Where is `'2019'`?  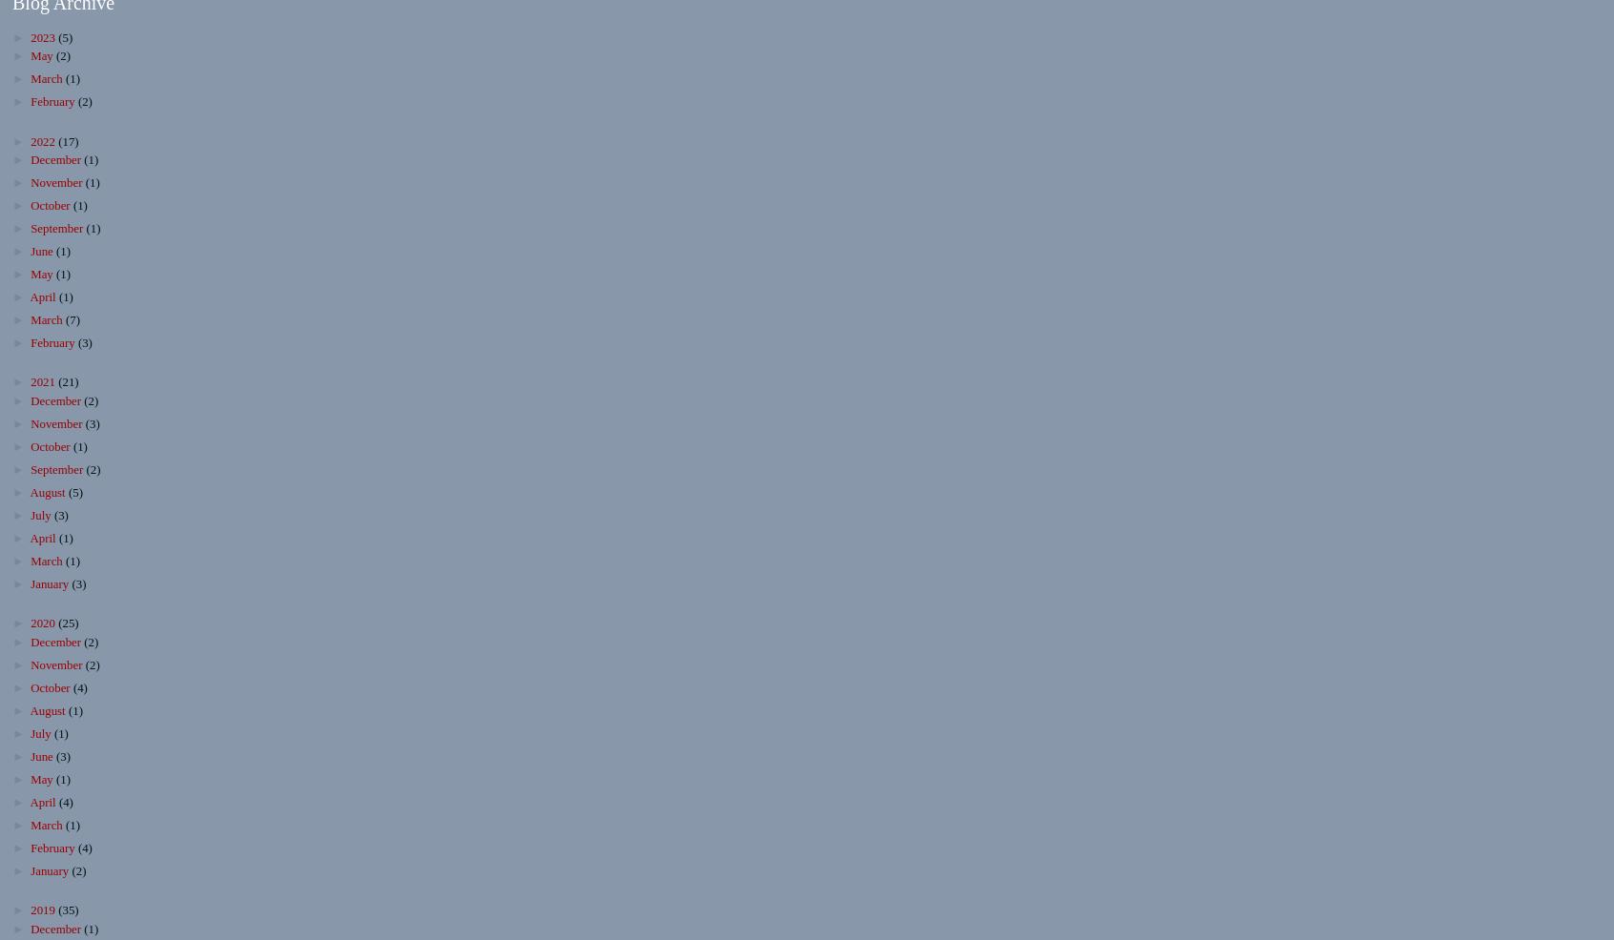
'2019' is located at coordinates (43, 910).